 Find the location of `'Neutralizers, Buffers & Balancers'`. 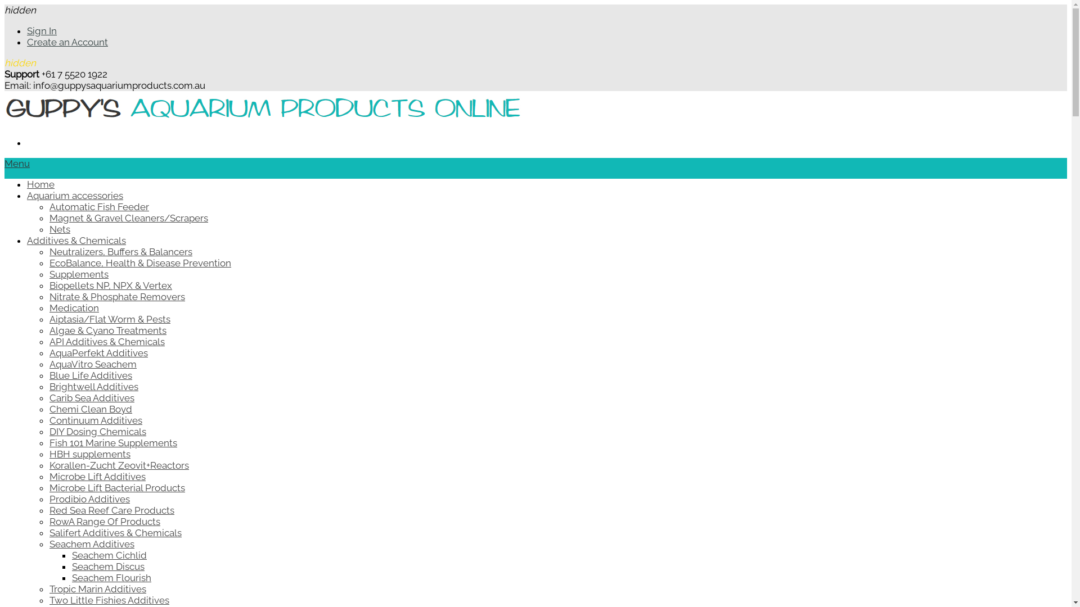

'Neutralizers, Buffers & Balancers' is located at coordinates (121, 251).